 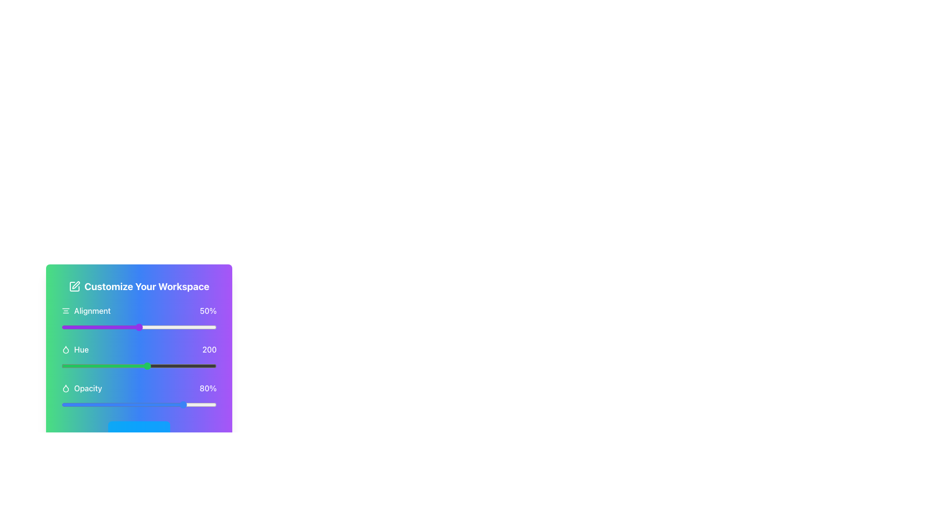 What do you see at coordinates (209, 349) in the screenshot?
I see `displayed value from the Text Label indicating the current value of the hue setting located in the 'Hue' section of the 'Customize Your Workspace' panel` at bounding box center [209, 349].